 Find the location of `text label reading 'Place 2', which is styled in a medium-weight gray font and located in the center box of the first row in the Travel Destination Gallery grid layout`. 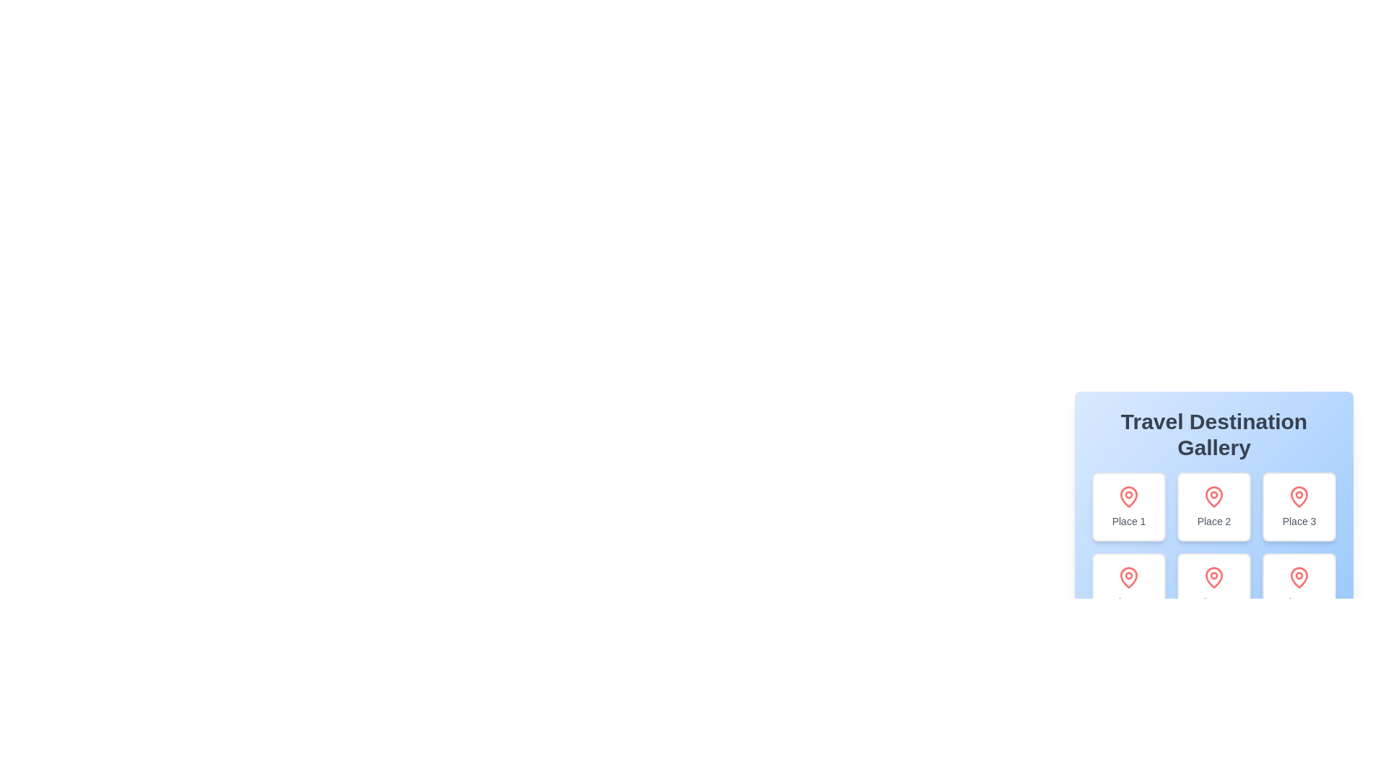

text label reading 'Place 2', which is styled in a medium-weight gray font and located in the center box of the first row in the Travel Destination Gallery grid layout is located at coordinates (1213, 521).